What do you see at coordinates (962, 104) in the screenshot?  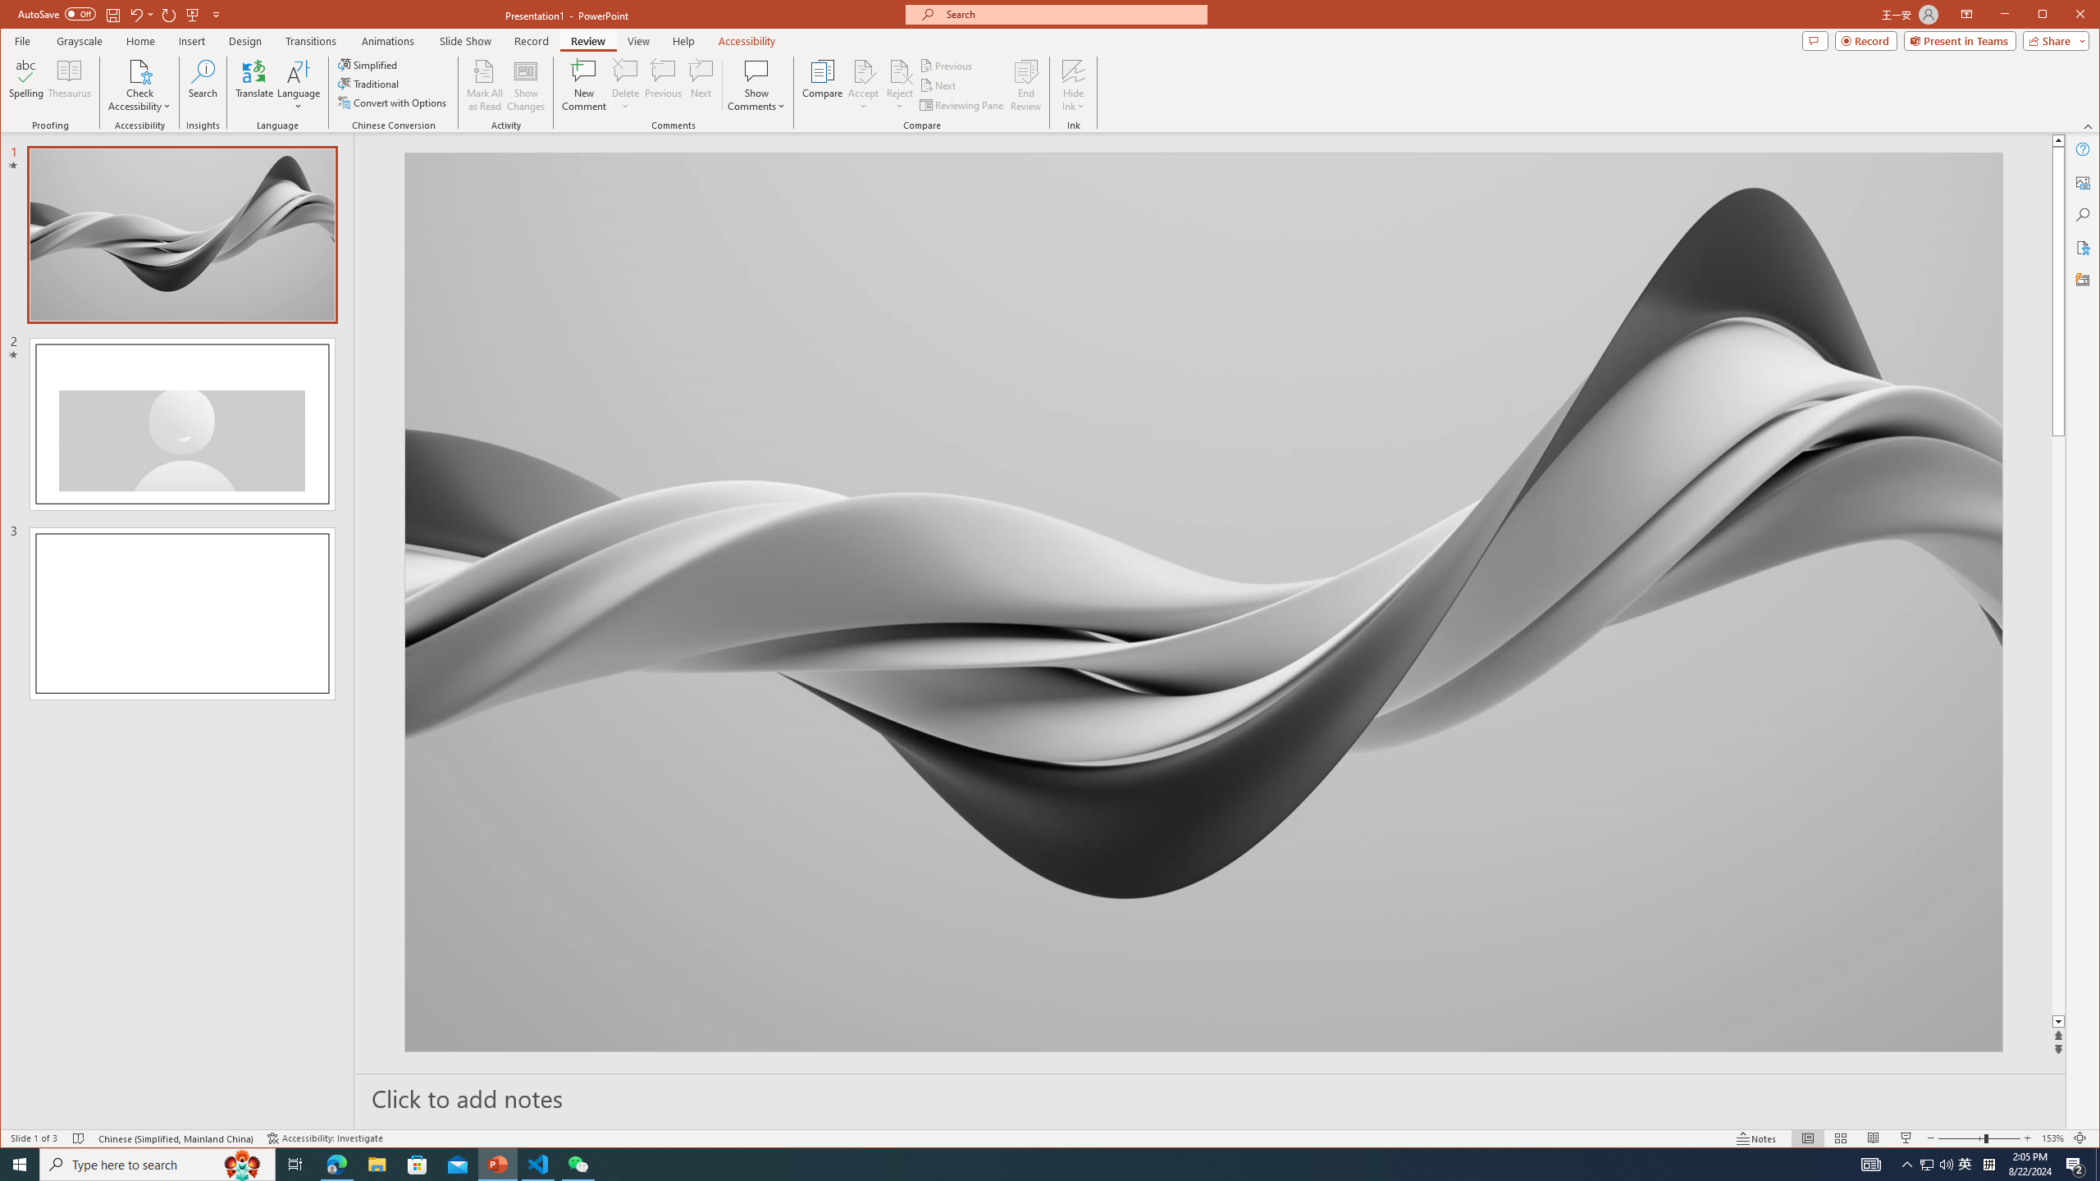 I see `'Reviewing Pane'` at bounding box center [962, 104].